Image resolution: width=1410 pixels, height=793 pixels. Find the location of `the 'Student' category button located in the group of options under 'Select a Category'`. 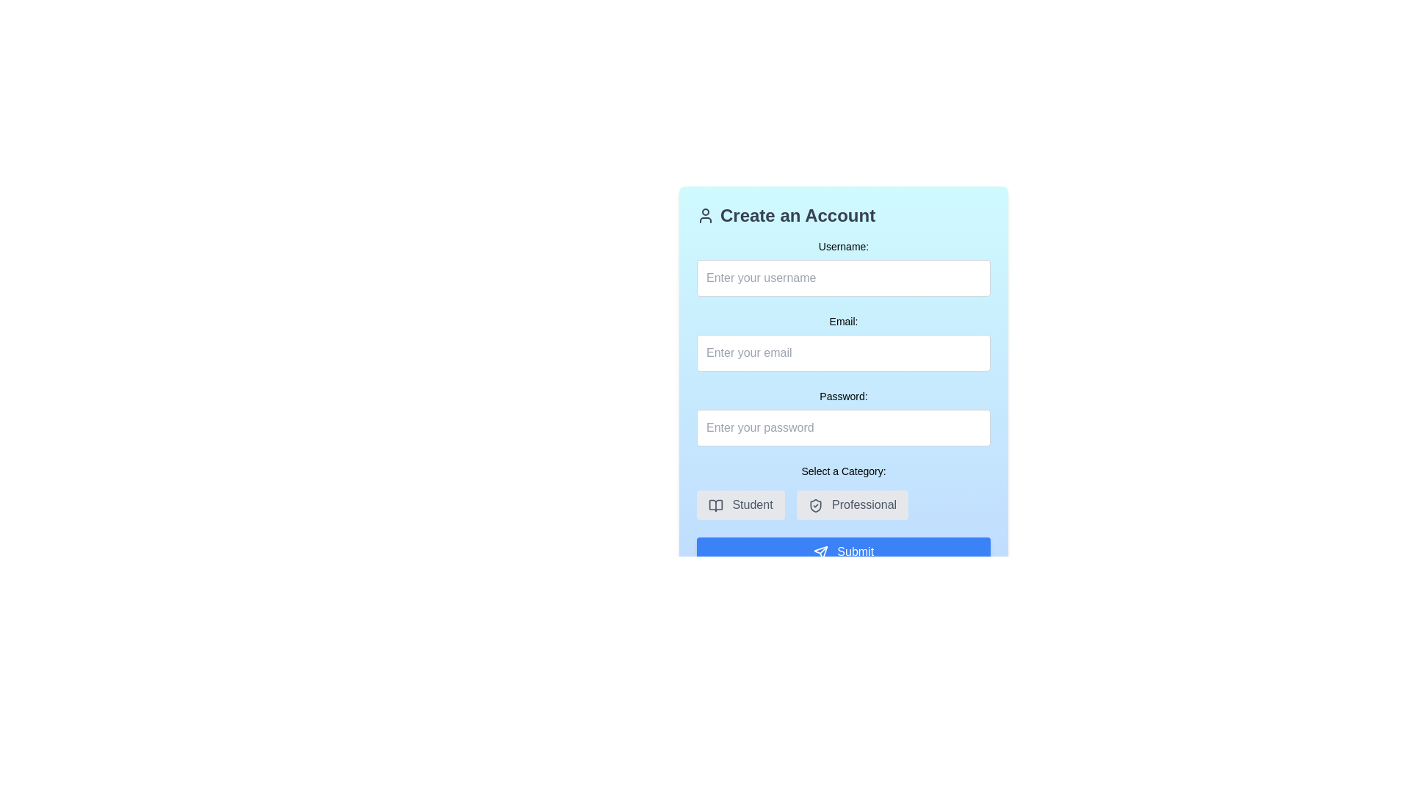

the 'Student' category button located in the group of options under 'Select a Category' is located at coordinates (740, 504).